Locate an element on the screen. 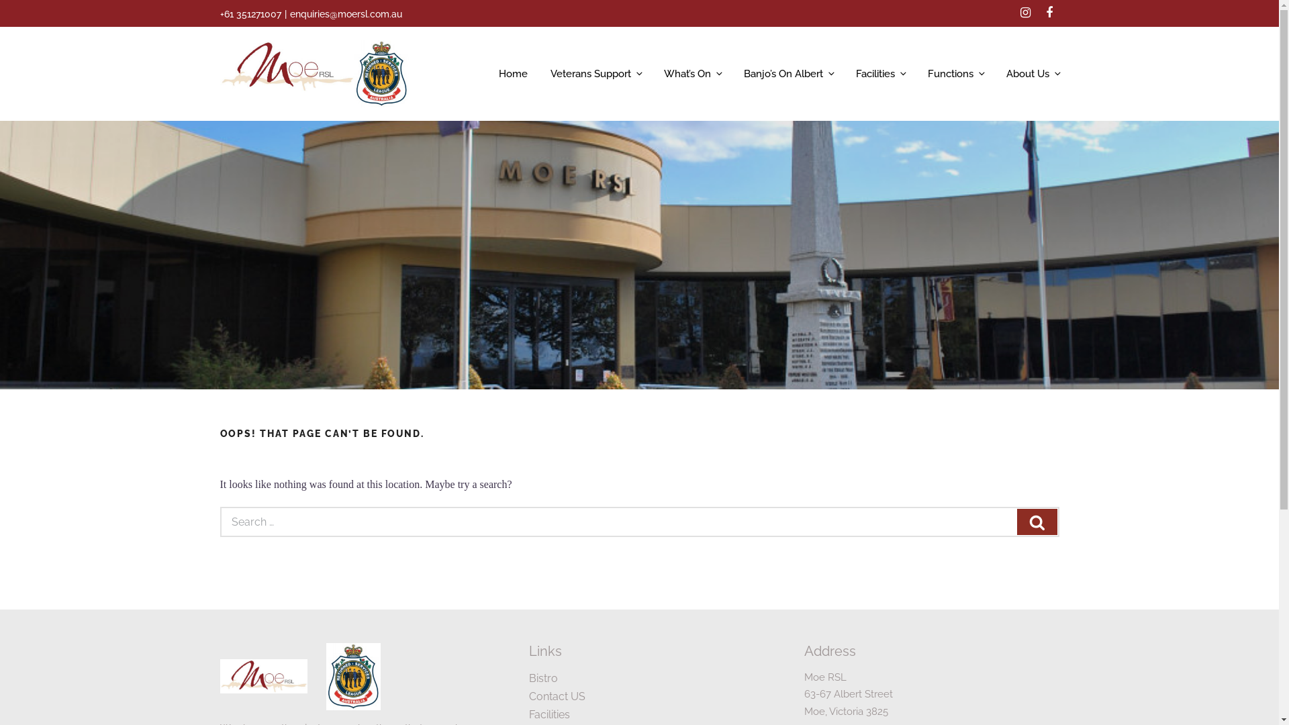 This screenshot has height=725, width=1289. 'enquiries@moersl.com.au' is located at coordinates (346, 13).